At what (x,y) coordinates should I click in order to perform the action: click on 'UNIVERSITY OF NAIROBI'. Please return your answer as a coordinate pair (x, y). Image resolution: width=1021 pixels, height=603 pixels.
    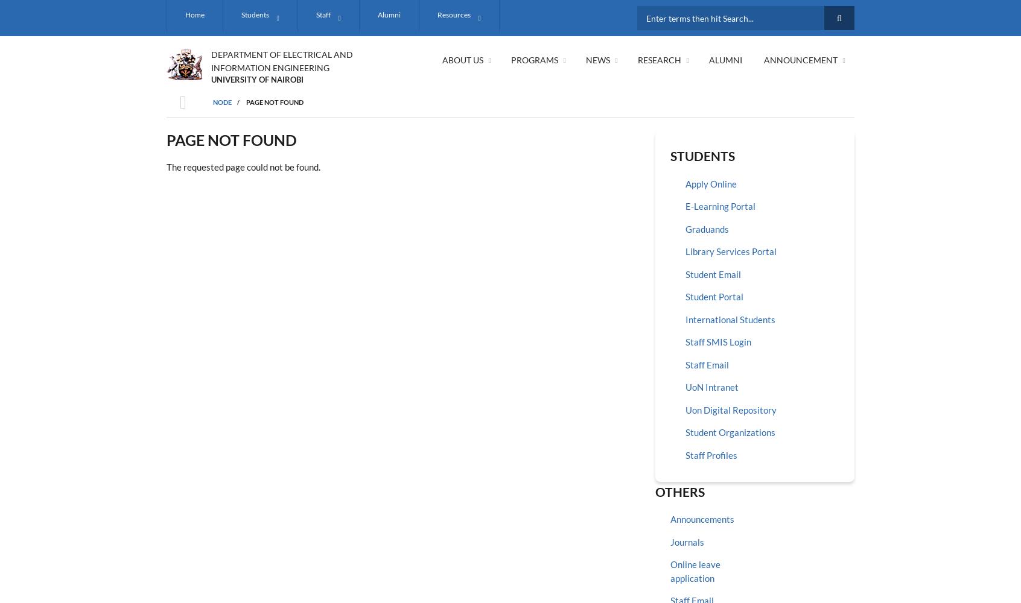
    Looking at the image, I should click on (211, 79).